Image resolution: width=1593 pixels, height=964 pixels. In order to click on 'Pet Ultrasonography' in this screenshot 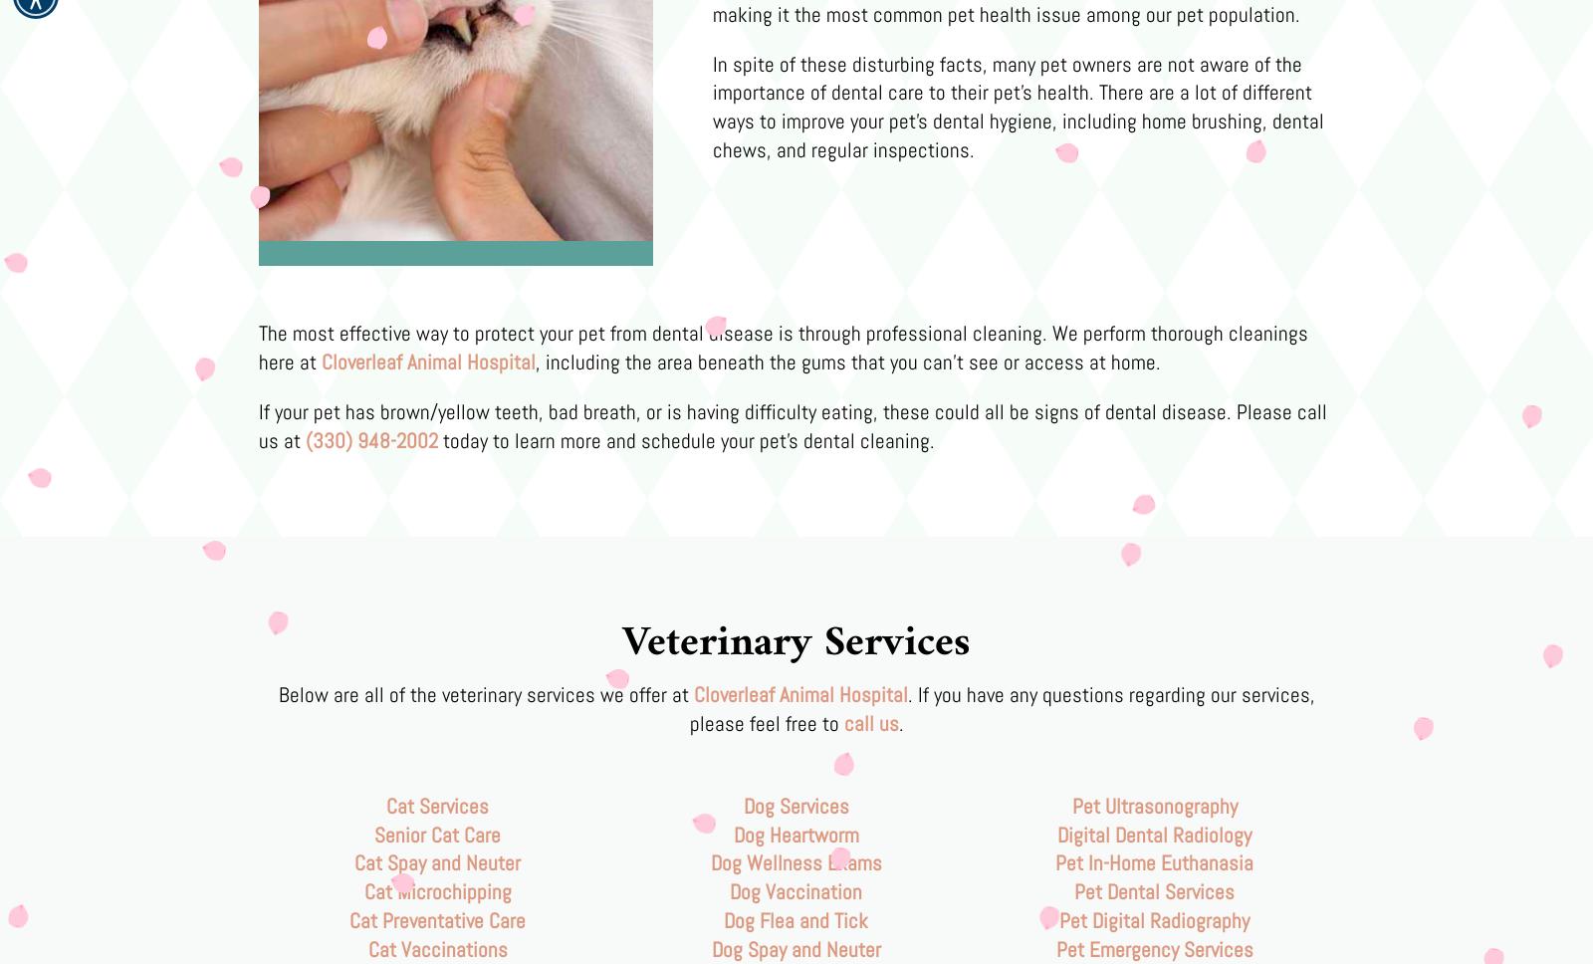, I will do `click(1154, 805)`.